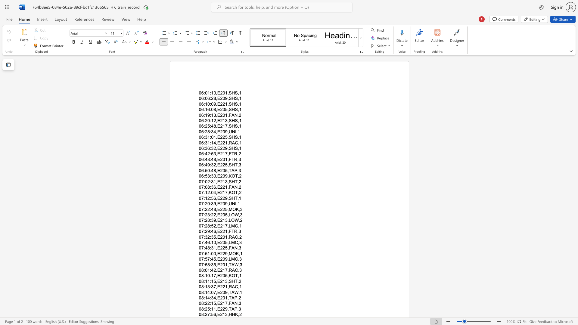 This screenshot has height=325, width=578. I want to click on the subset text ":2" within the text "06:28:34,E209,UNI,1", so click(204, 131).